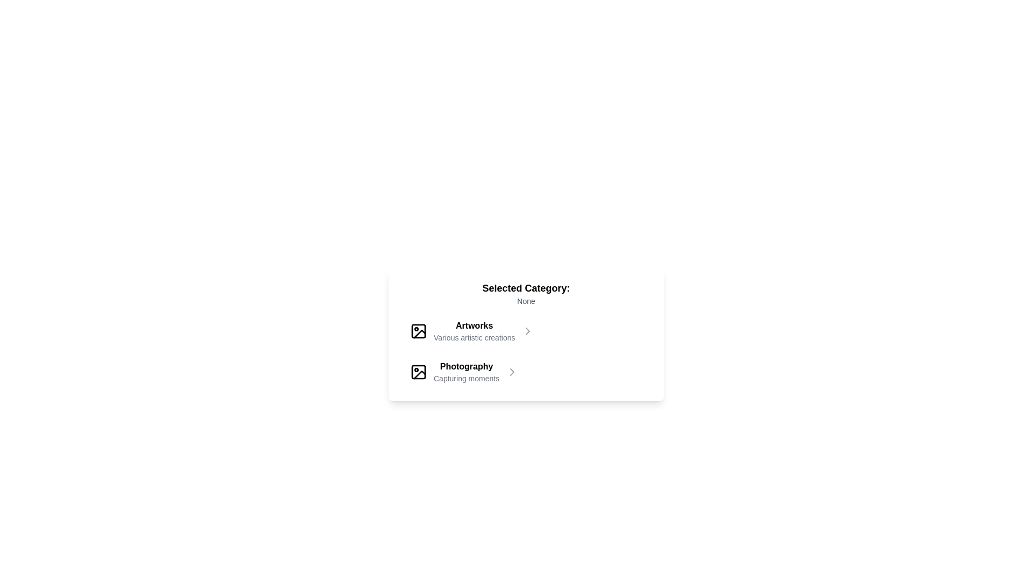 The width and height of the screenshot is (1032, 580). Describe the element at coordinates (526, 301) in the screenshot. I see `text element displaying 'None' which is located beneath the heading 'Selected Category:' in gray color` at that location.